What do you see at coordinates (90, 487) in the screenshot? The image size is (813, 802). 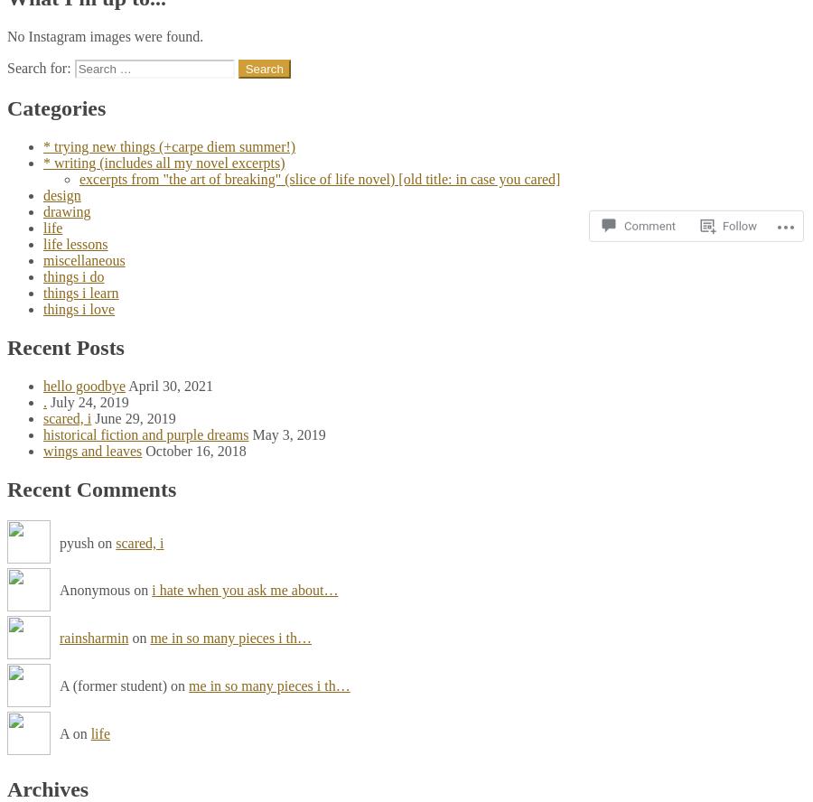 I see `'Recent Comments'` at bounding box center [90, 487].